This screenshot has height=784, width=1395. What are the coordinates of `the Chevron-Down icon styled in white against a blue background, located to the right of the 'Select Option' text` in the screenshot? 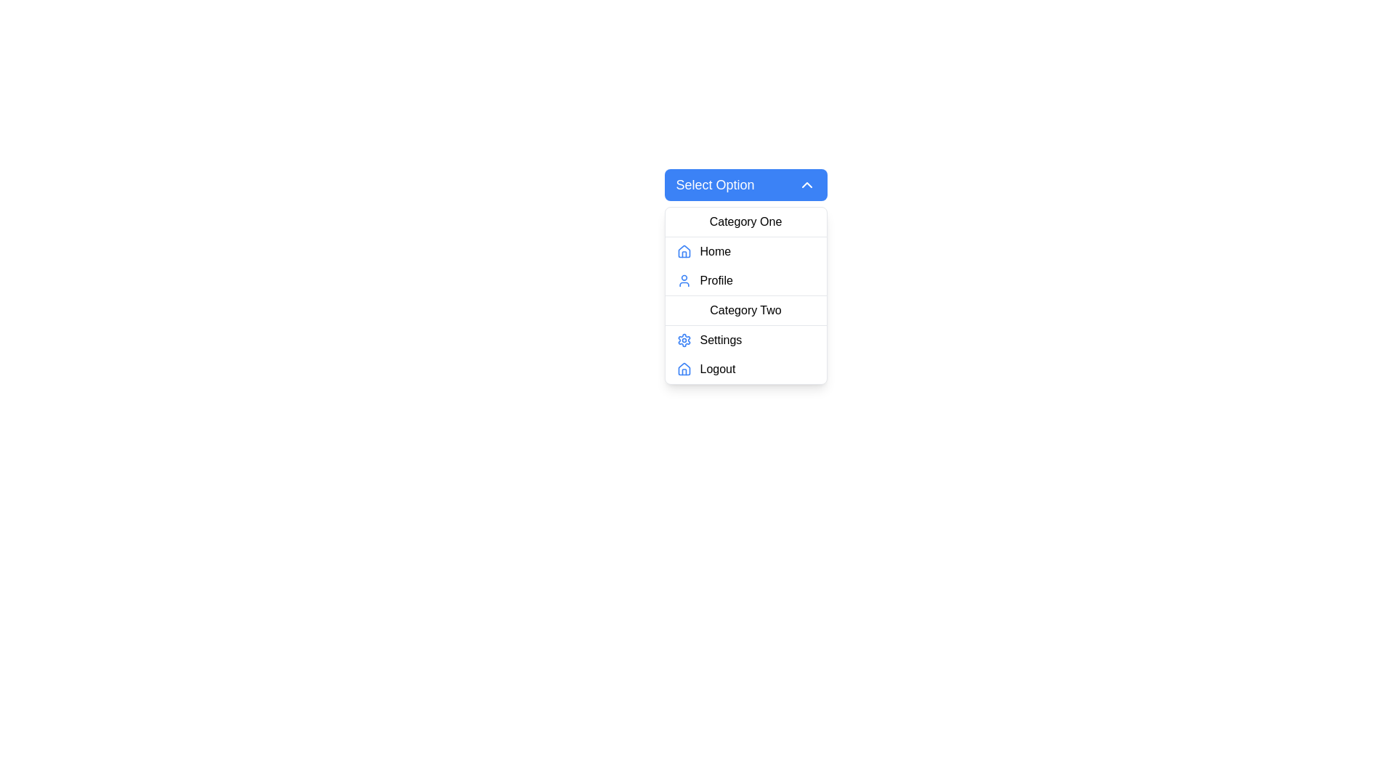 It's located at (806, 184).